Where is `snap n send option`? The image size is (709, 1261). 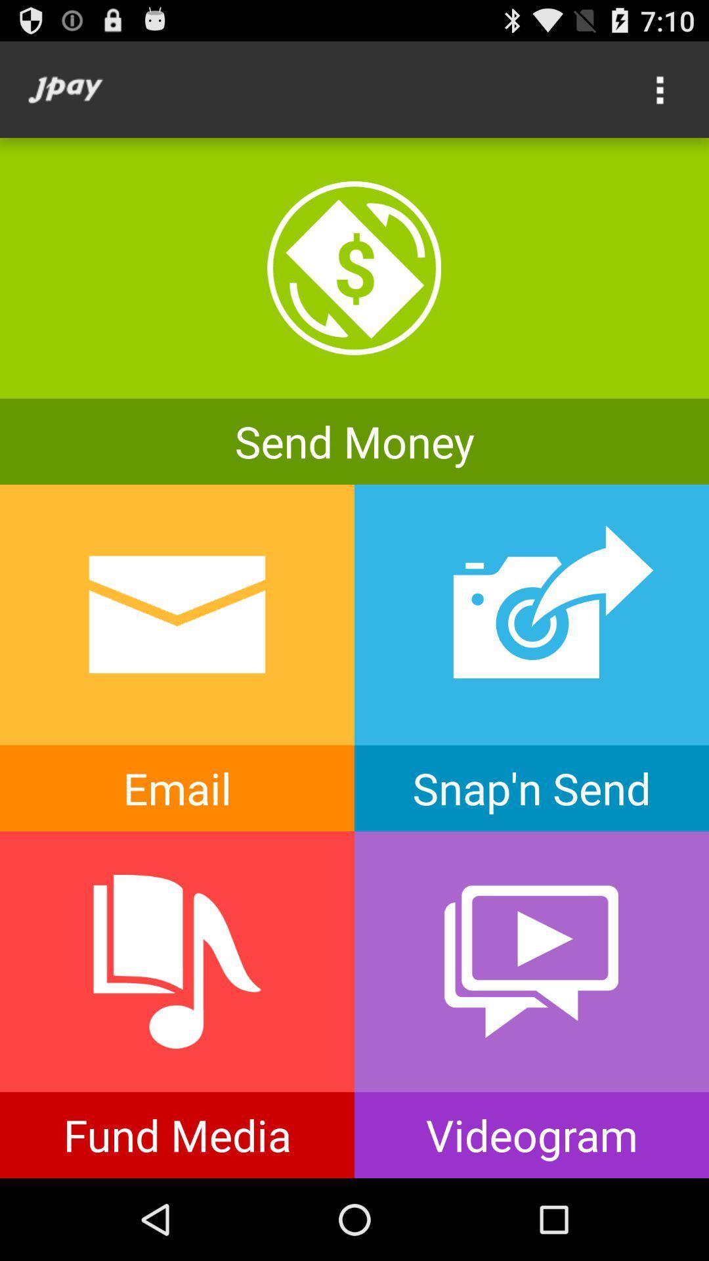 snap n send option is located at coordinates (532, 658).